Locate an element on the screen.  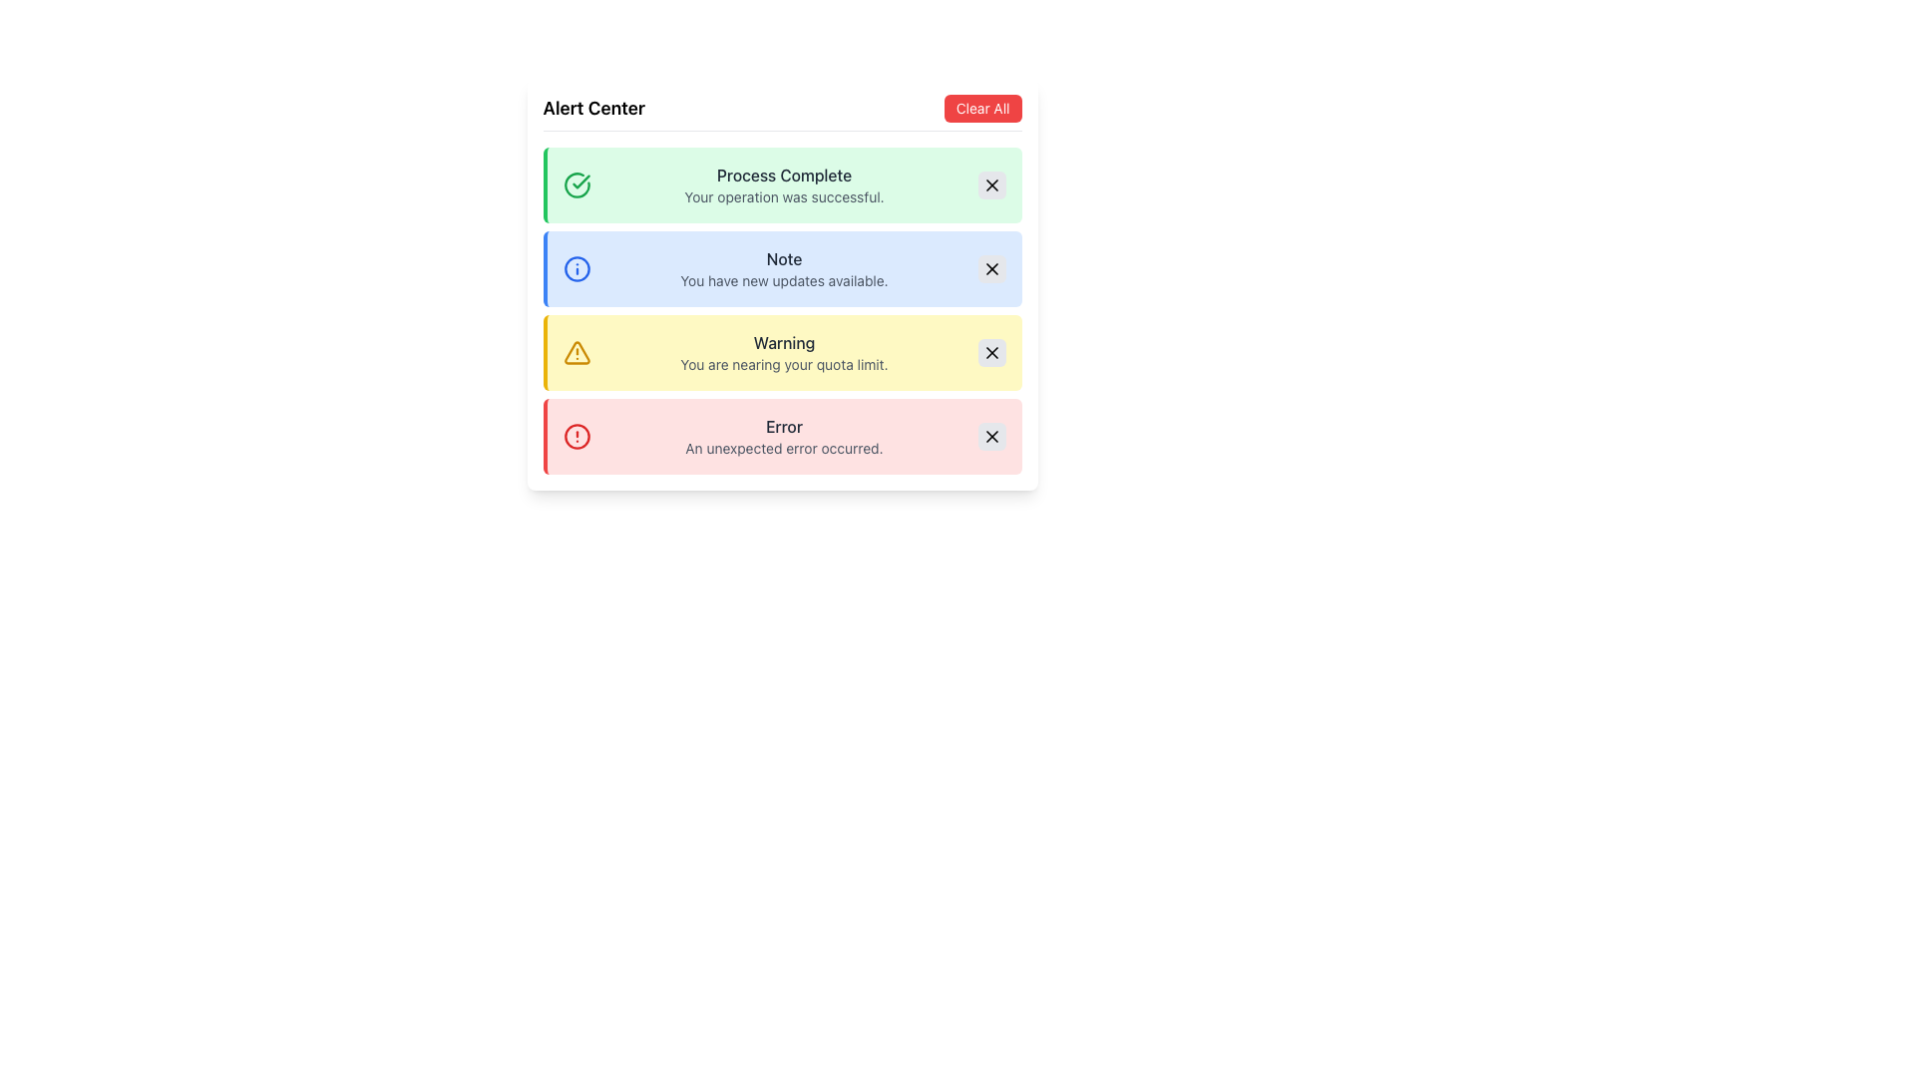
the visual indicator icon located on the left side of the green notification panel, near the top-left corner, confirming the successful completion of a process is located at coordinates (575, 184).